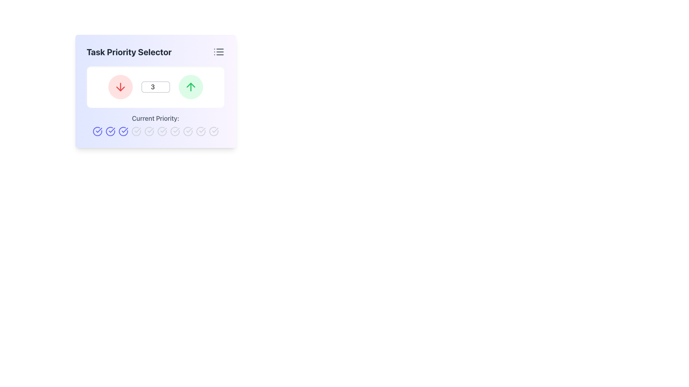 The height and width of the screenshot is (387, 689). What do you see at coordinates (123, 131) in the screenshot?
I see `the third circular interactive icon in the 'Current Priority' section` at bounding box center [123, 131].